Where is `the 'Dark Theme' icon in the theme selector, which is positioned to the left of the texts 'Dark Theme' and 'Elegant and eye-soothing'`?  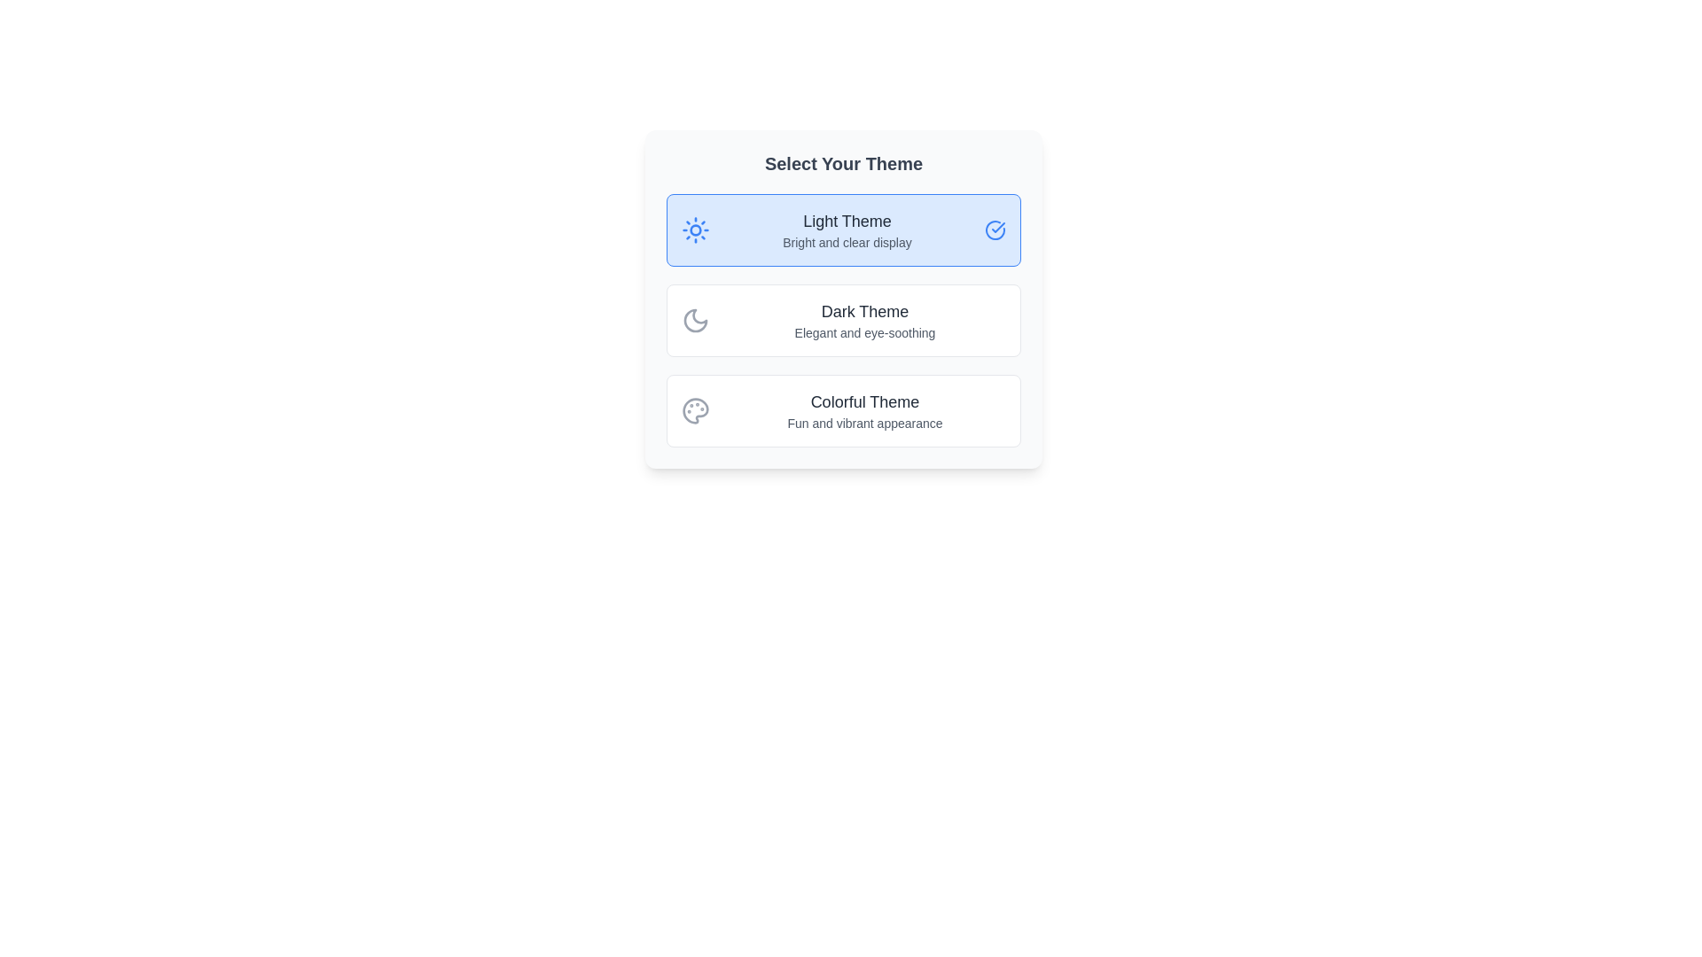 the 'Dark Theme' icon in the theme selector, which is positioned to the left of the texts 'Dark Theme' and 'Elegant and eye-soothing' is located at coordinates (695, 321).